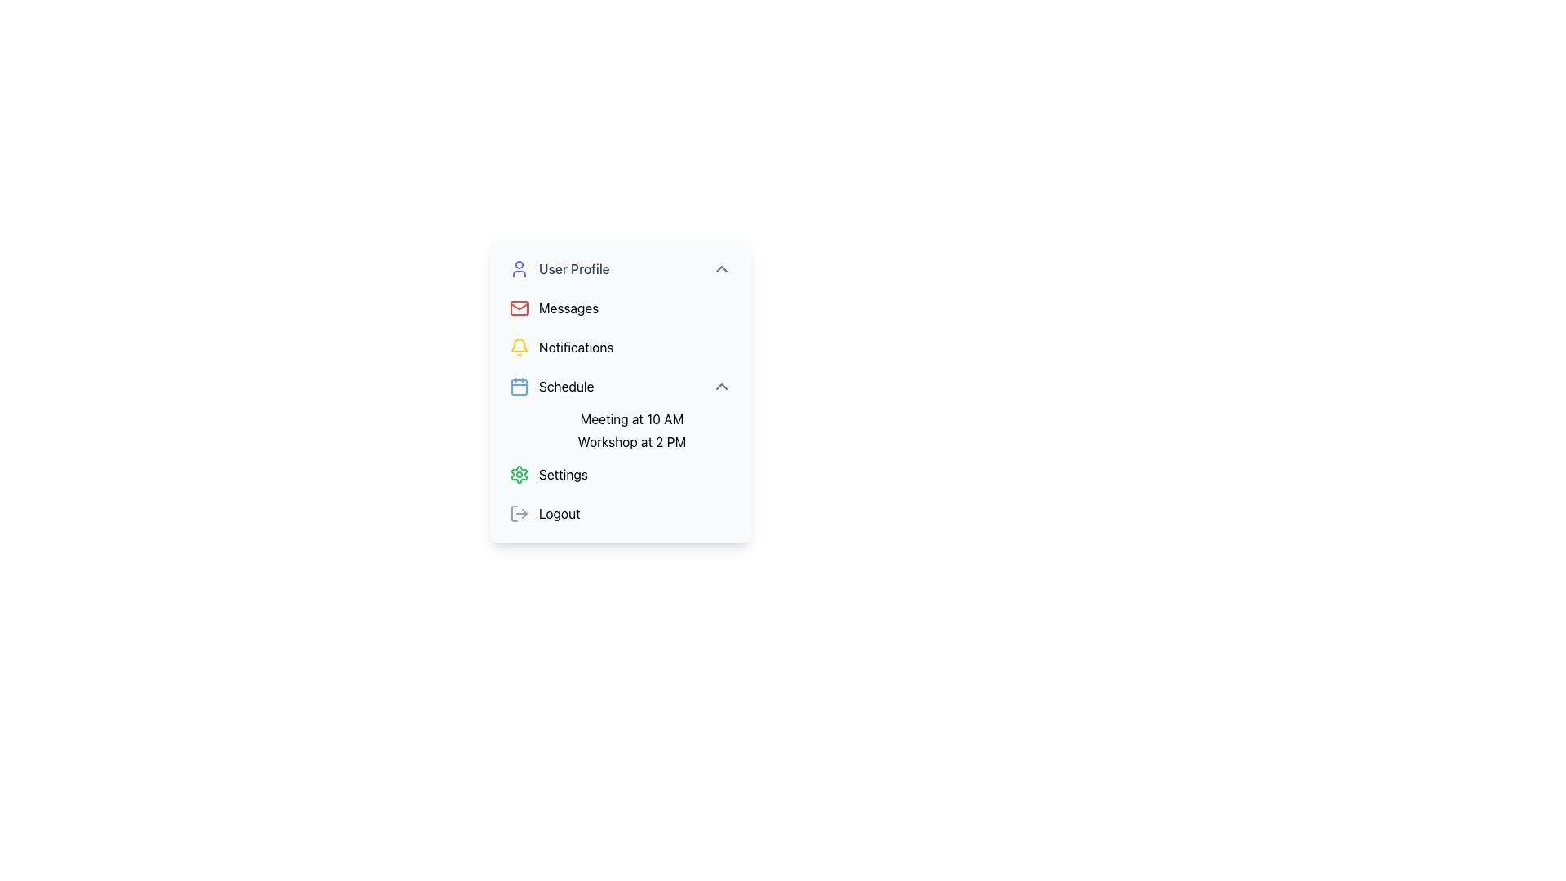 Image resolution: width=1566 pixels, height=881 pixels. Describe the element at coordinates (620, 512) in the screenshot. I see `the logout button located at the bottom of the vertical navigation menu to log out of the application` at that location.